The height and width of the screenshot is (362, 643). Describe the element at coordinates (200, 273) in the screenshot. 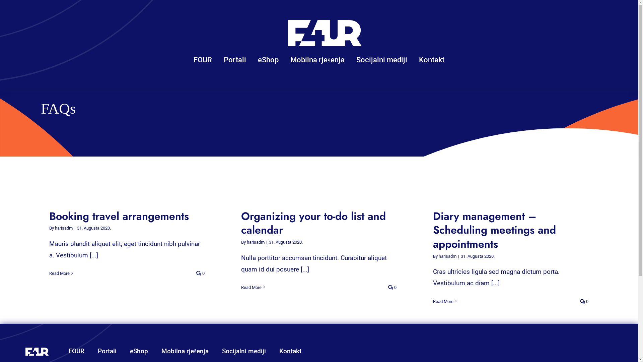

I see `' 0'` at that location.